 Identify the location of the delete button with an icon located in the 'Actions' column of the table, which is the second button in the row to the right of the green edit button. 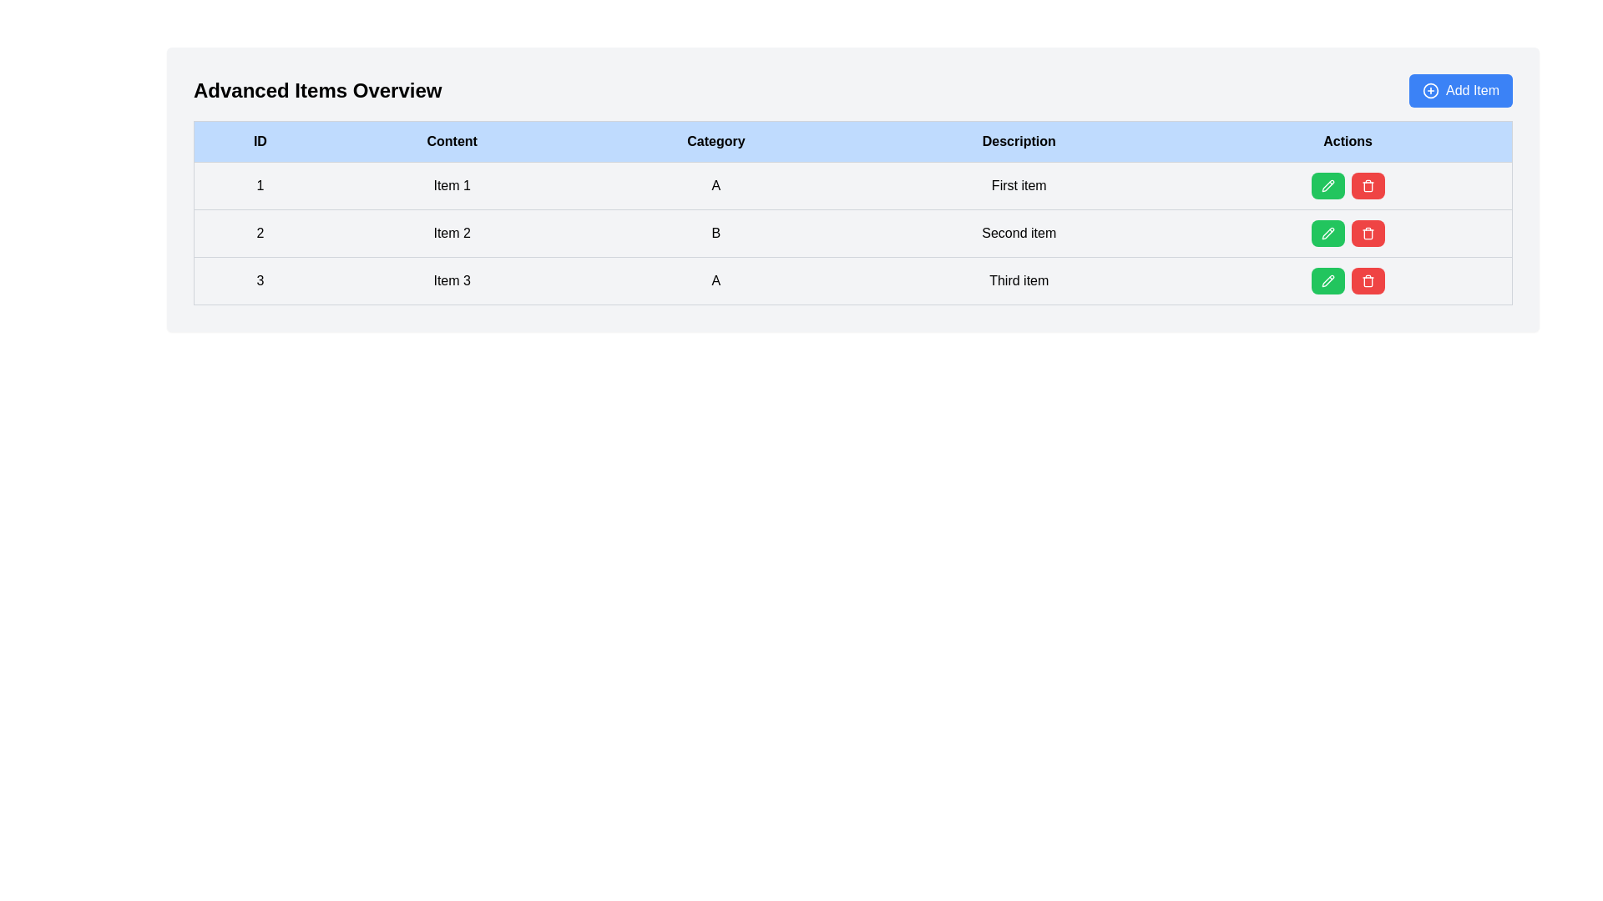
(1368, 186).